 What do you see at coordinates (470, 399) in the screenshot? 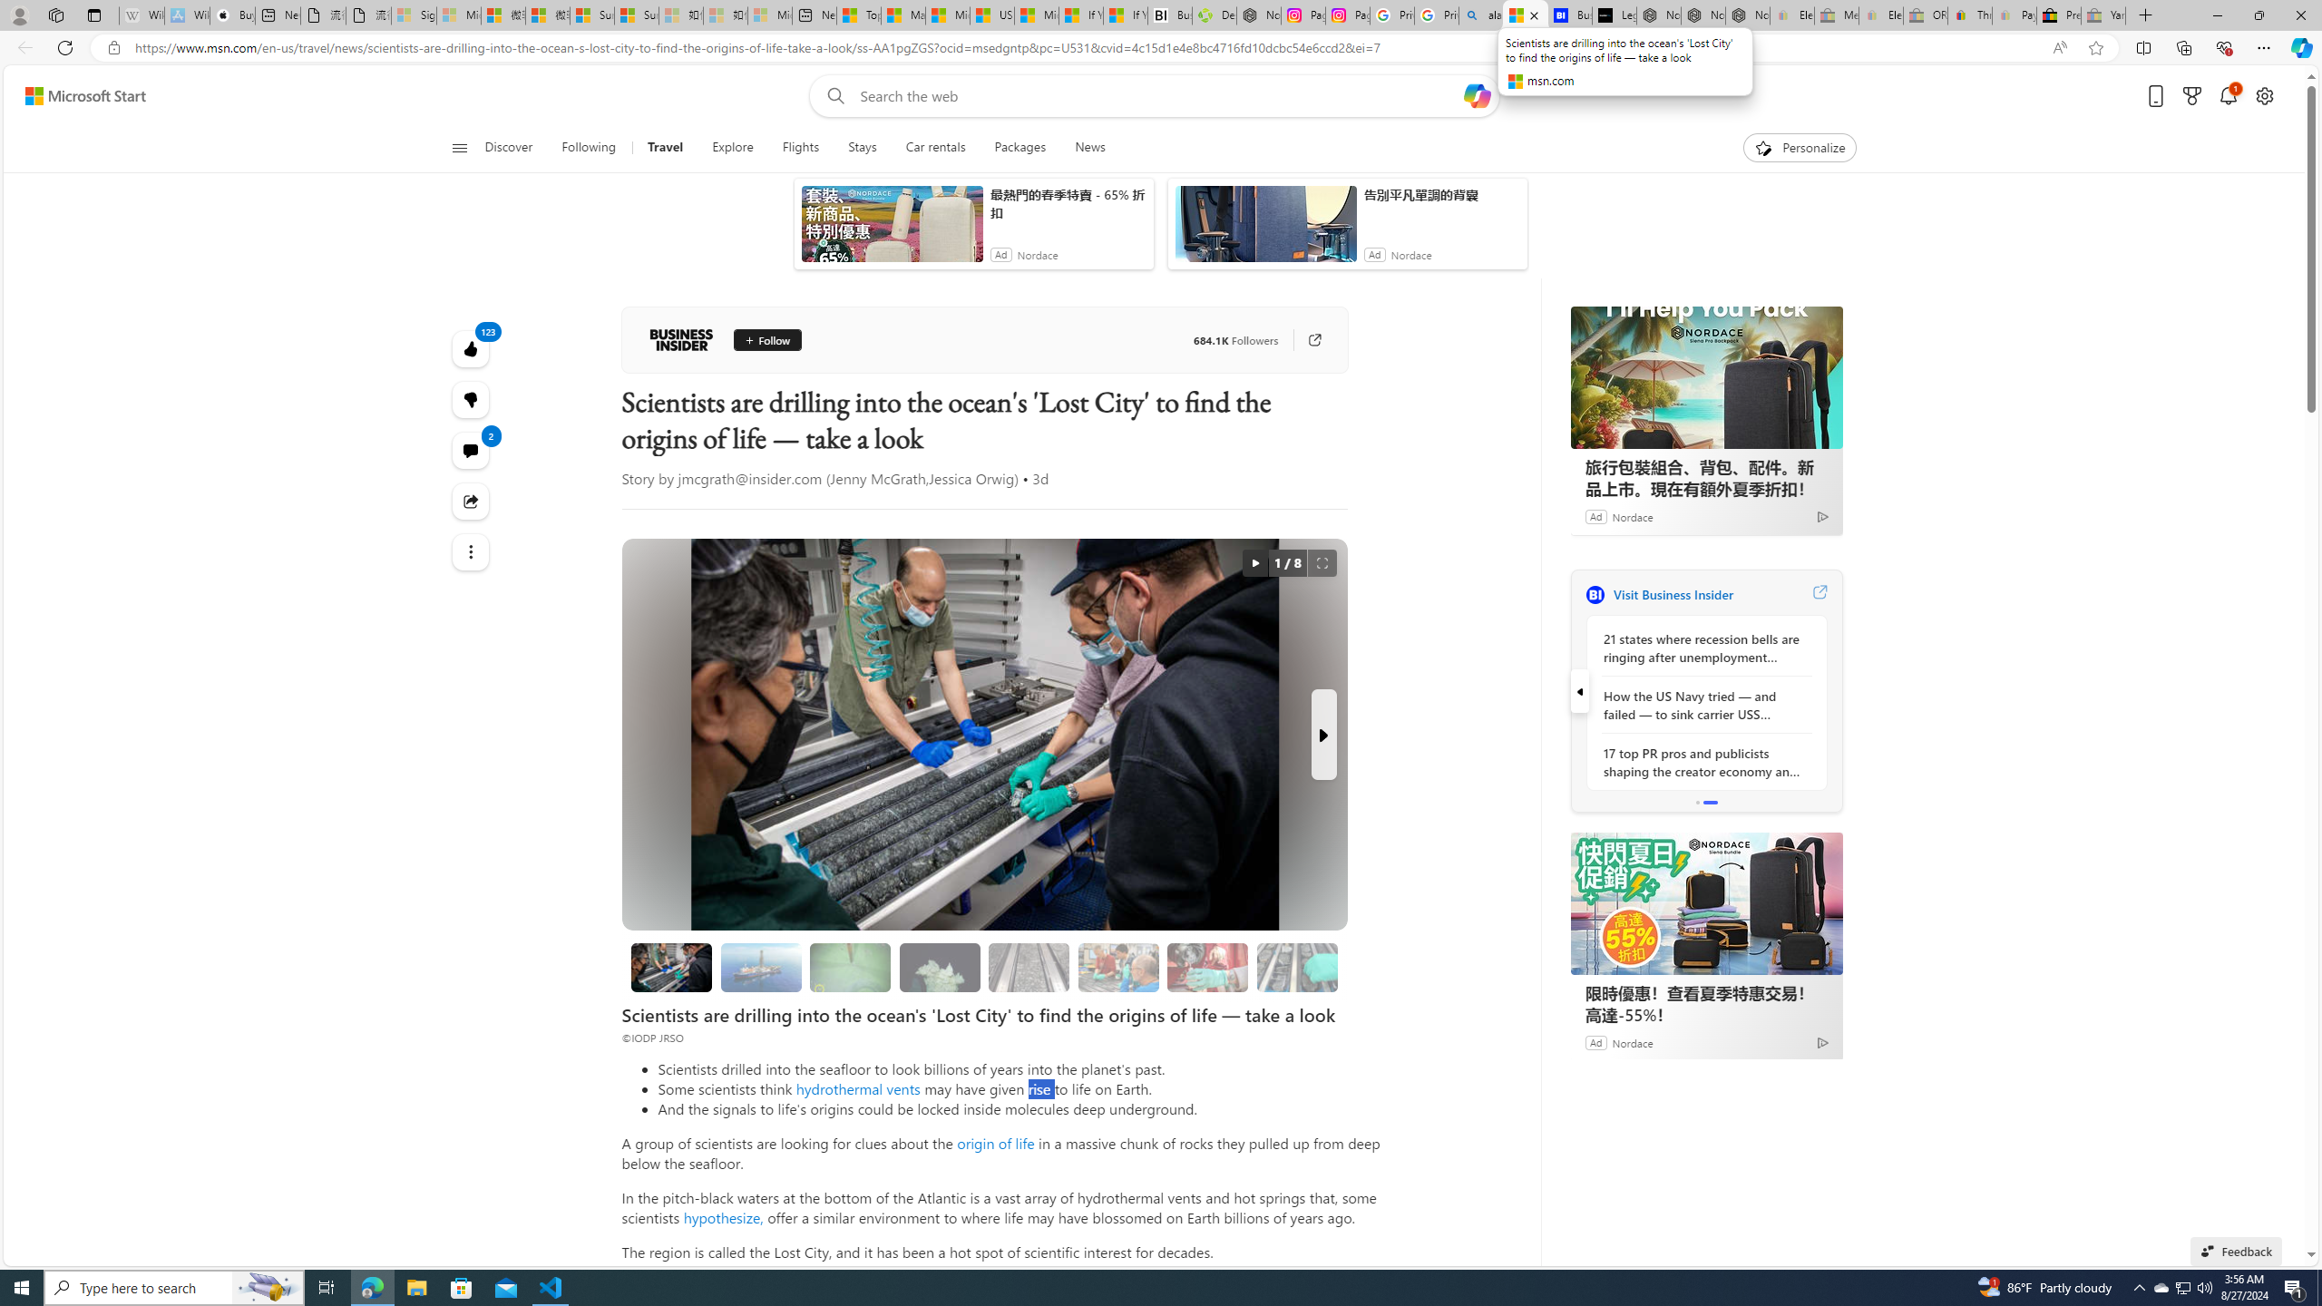
I see `'123'` at bounding box center [470, 399].